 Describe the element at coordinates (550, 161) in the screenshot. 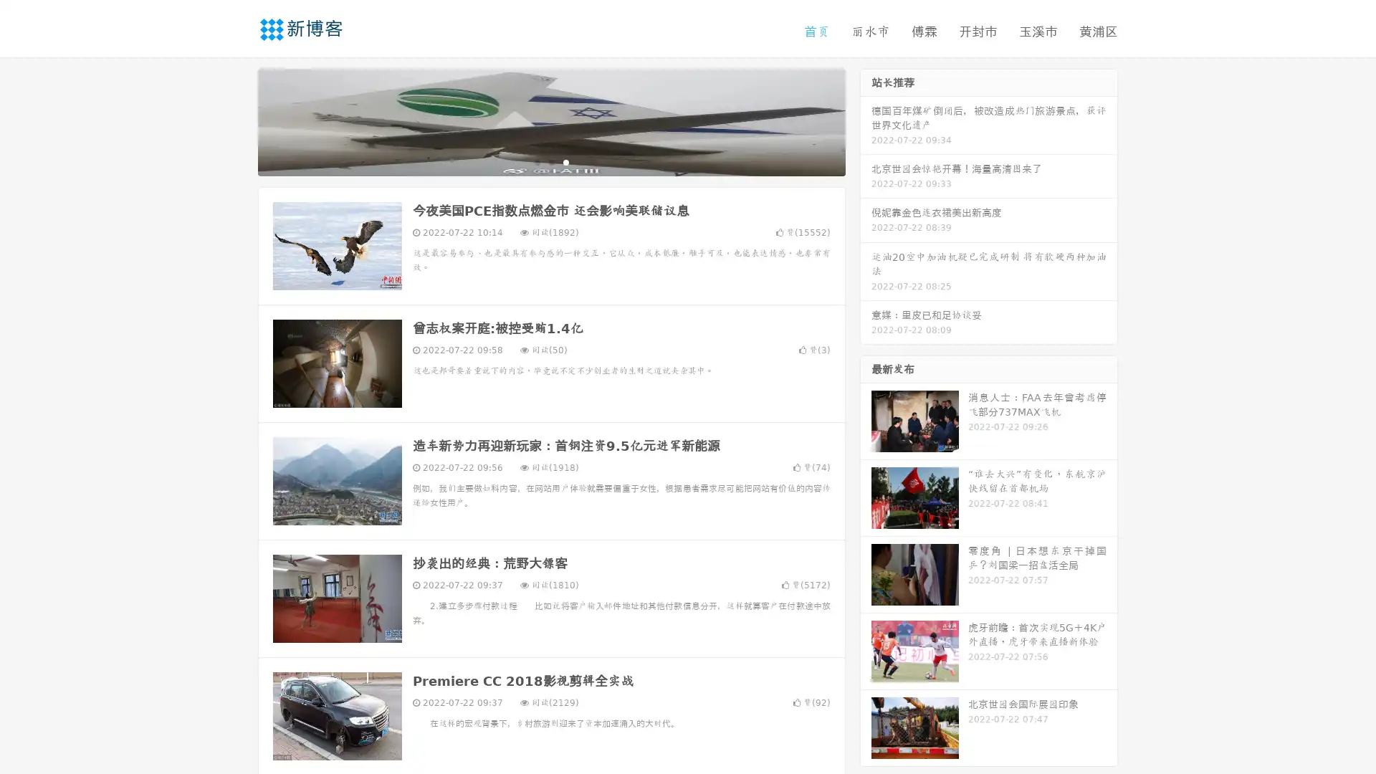

I see `Go to slide 2` at that location.